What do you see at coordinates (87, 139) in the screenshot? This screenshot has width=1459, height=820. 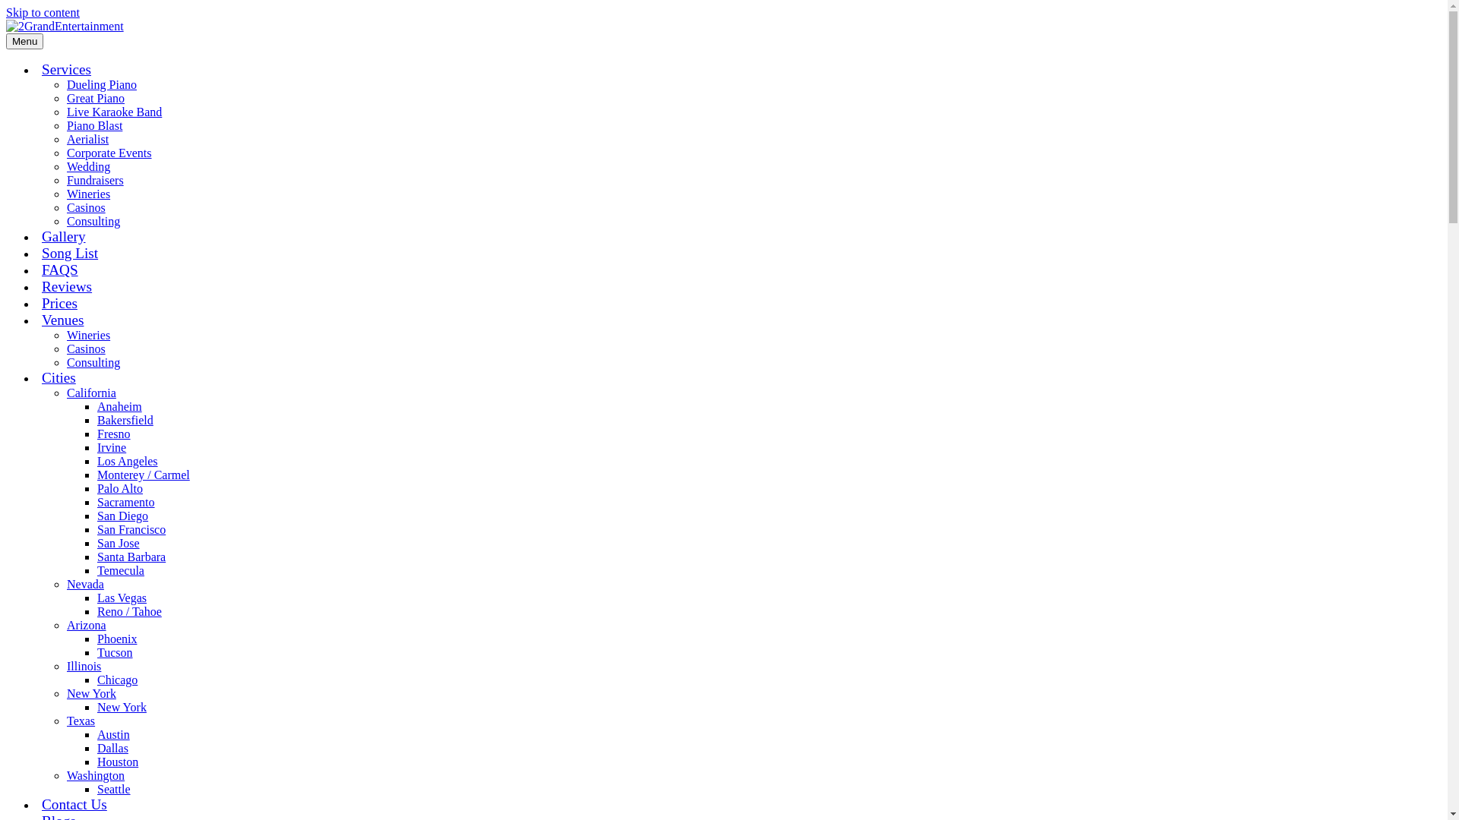 I see `'Aerialist'` at bounding box center [87, 139].